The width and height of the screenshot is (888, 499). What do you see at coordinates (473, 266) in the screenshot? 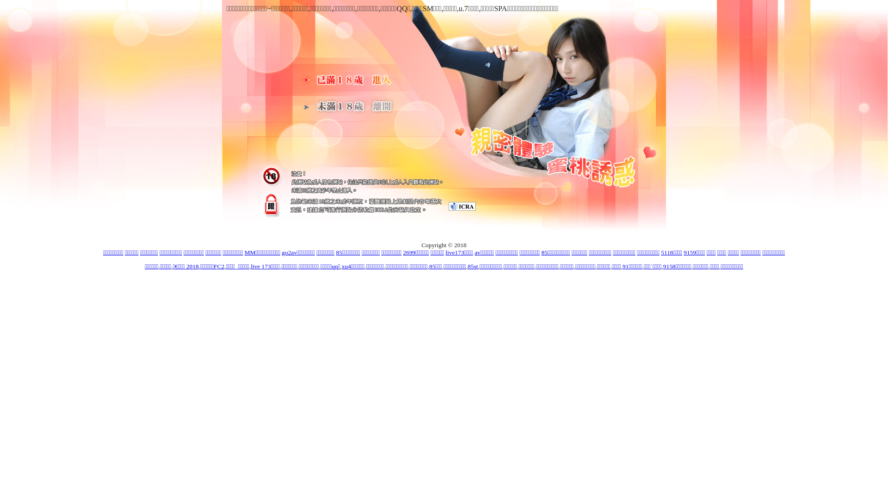
I see `'85st'` at bounding box center [473, 266].